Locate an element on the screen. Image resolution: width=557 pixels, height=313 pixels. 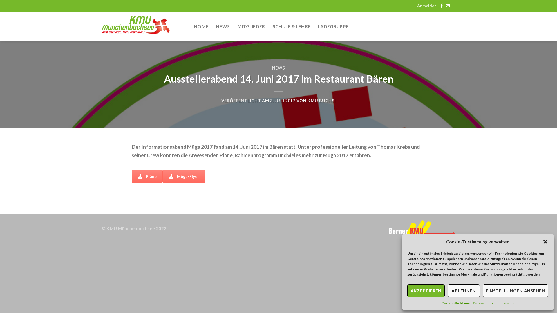
'Datenschutz' is located at coordinates (483, 303).